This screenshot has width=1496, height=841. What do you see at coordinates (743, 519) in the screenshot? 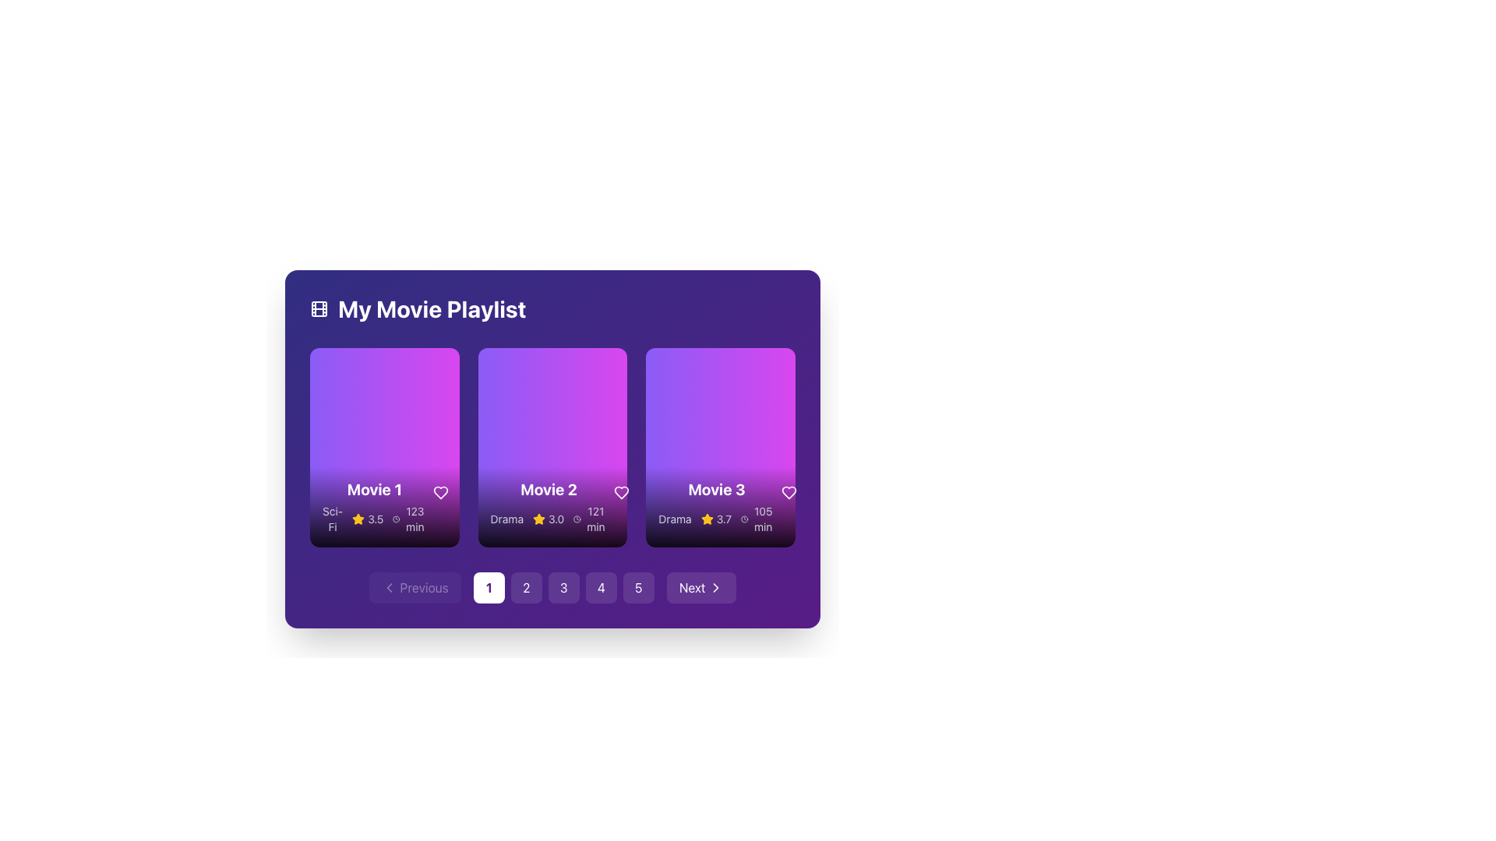
I see `clock icon located within the card for 'Movie 3' in the movie playlist interface, positioned to the left of the text '105 min' and below the movie's rating information using developer tools` at bounding box center [743, 519].